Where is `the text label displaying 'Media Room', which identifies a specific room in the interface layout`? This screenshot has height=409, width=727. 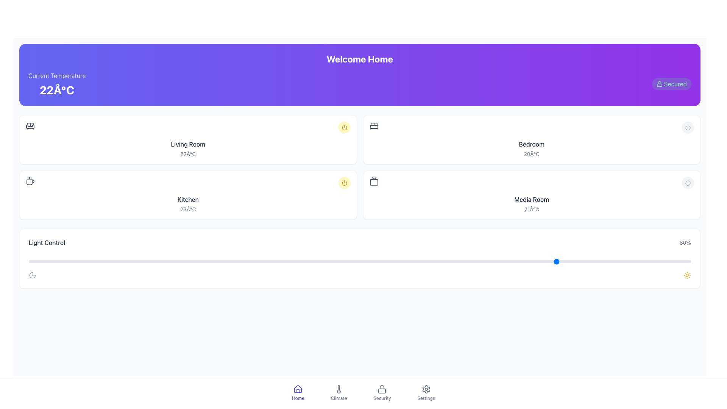 the text label displaying 'Media Room', which identifies a specific room in the interface layout is located at coordinates (531, 199).